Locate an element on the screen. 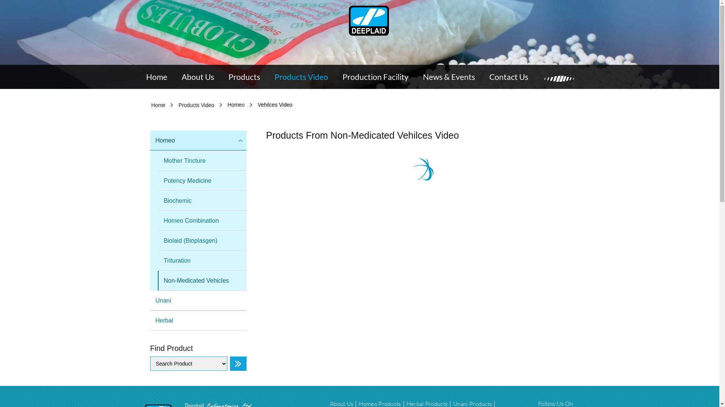 Image resolution: width=725 pixels, height=407 pixels. 'Trituration' is located at coordinates (157, 260).